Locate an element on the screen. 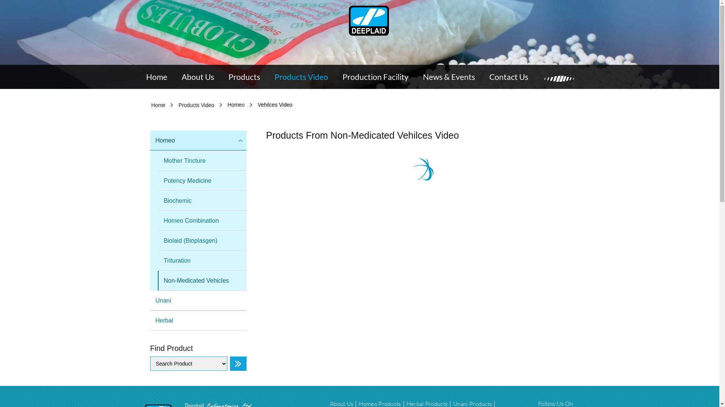 Image resolution: width=725 pixels, height=407 pixels. 'Trituration' is located at coordinates (157, 260).